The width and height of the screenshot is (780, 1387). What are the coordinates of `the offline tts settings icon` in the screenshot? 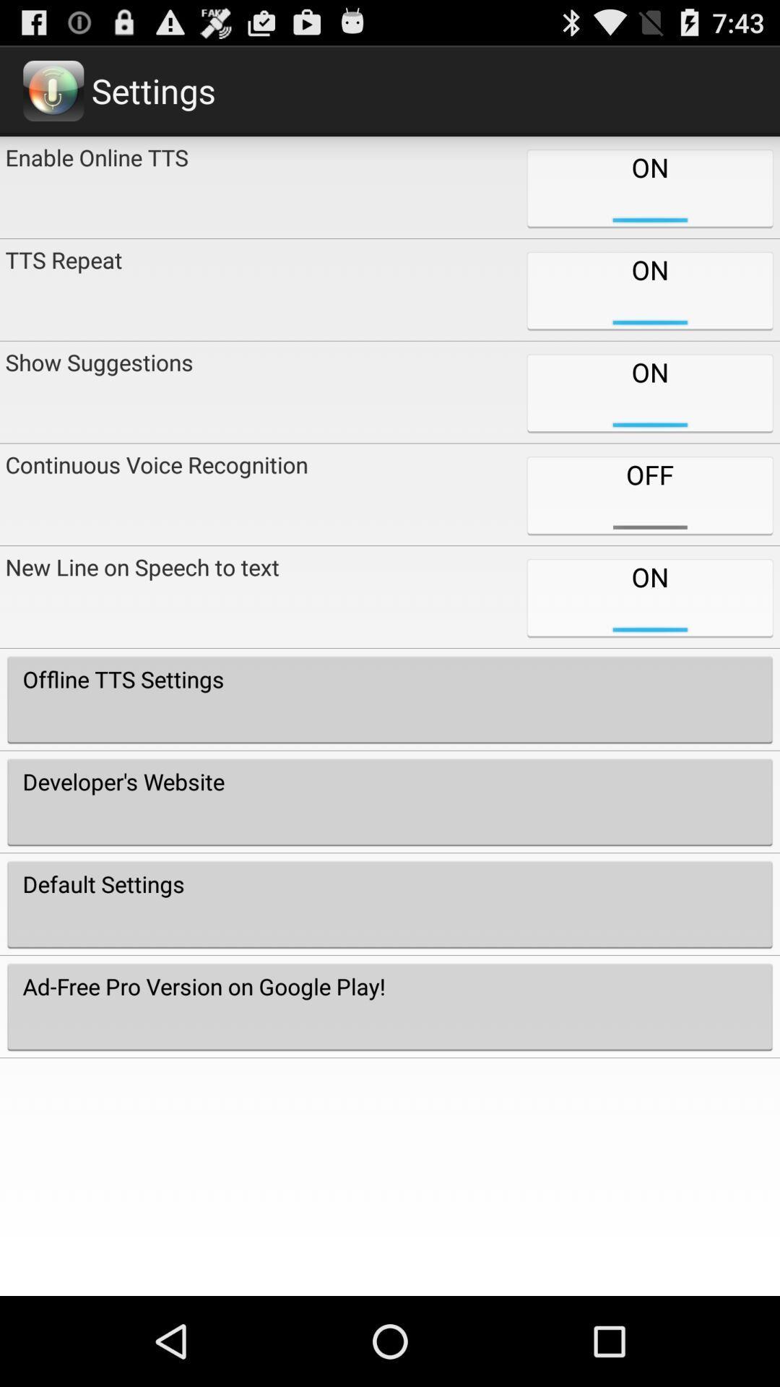 It's located at (390, 699).